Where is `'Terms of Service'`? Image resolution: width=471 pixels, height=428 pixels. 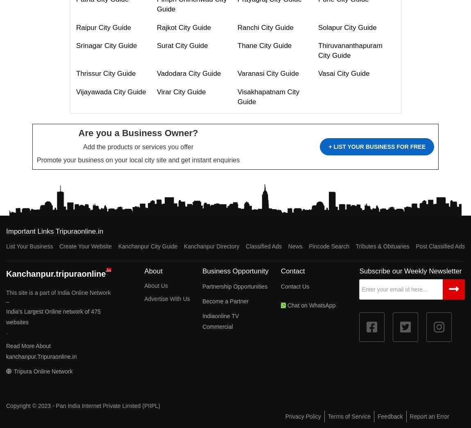 'Terms of Service' is located at coordinates (349, 416).